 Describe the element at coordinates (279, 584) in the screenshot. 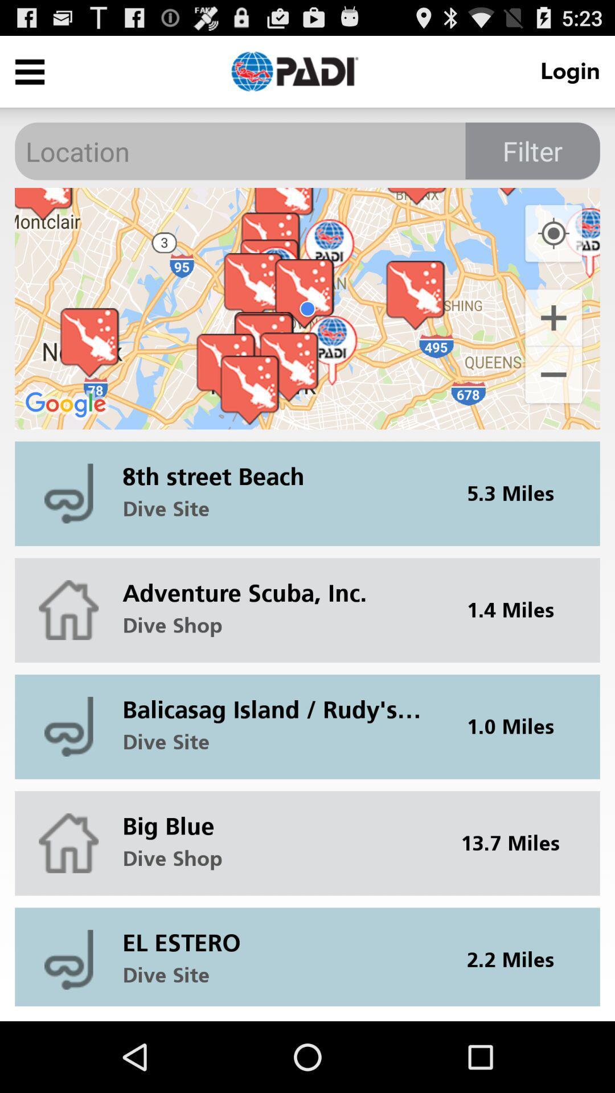

I see `icon above the dive shop` at that location.